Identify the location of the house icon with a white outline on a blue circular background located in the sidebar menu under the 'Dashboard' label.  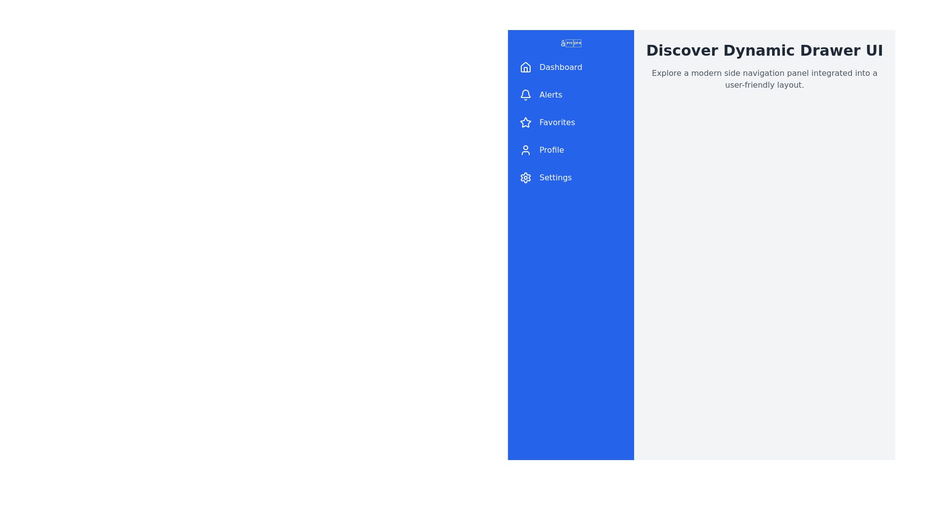
(525, 67).